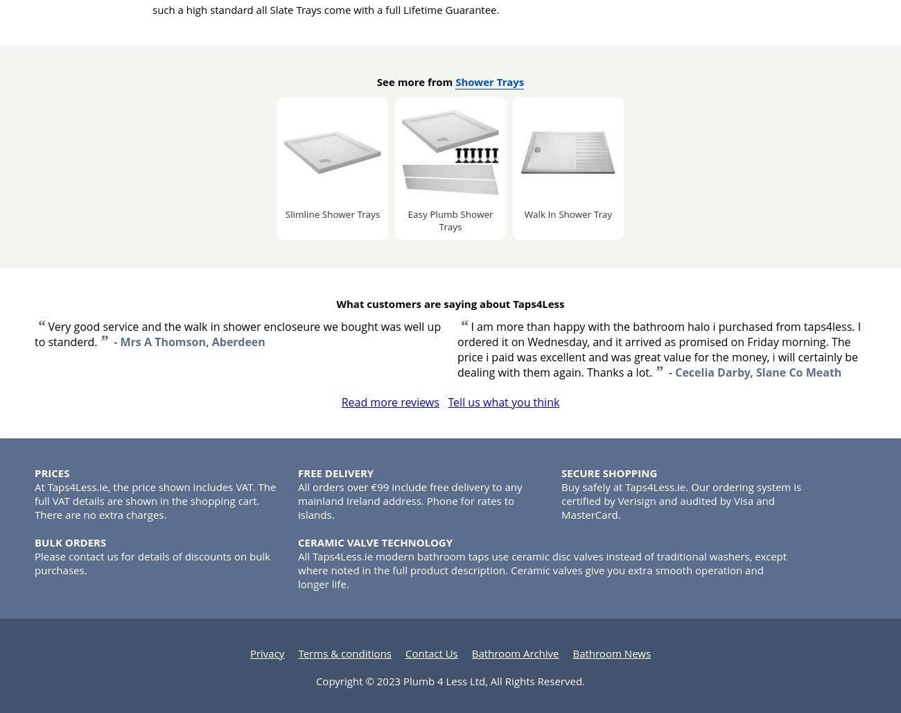 This screenshot has height=713, width=901. I want to click on 'Bulk Orders', so click(70, 542).